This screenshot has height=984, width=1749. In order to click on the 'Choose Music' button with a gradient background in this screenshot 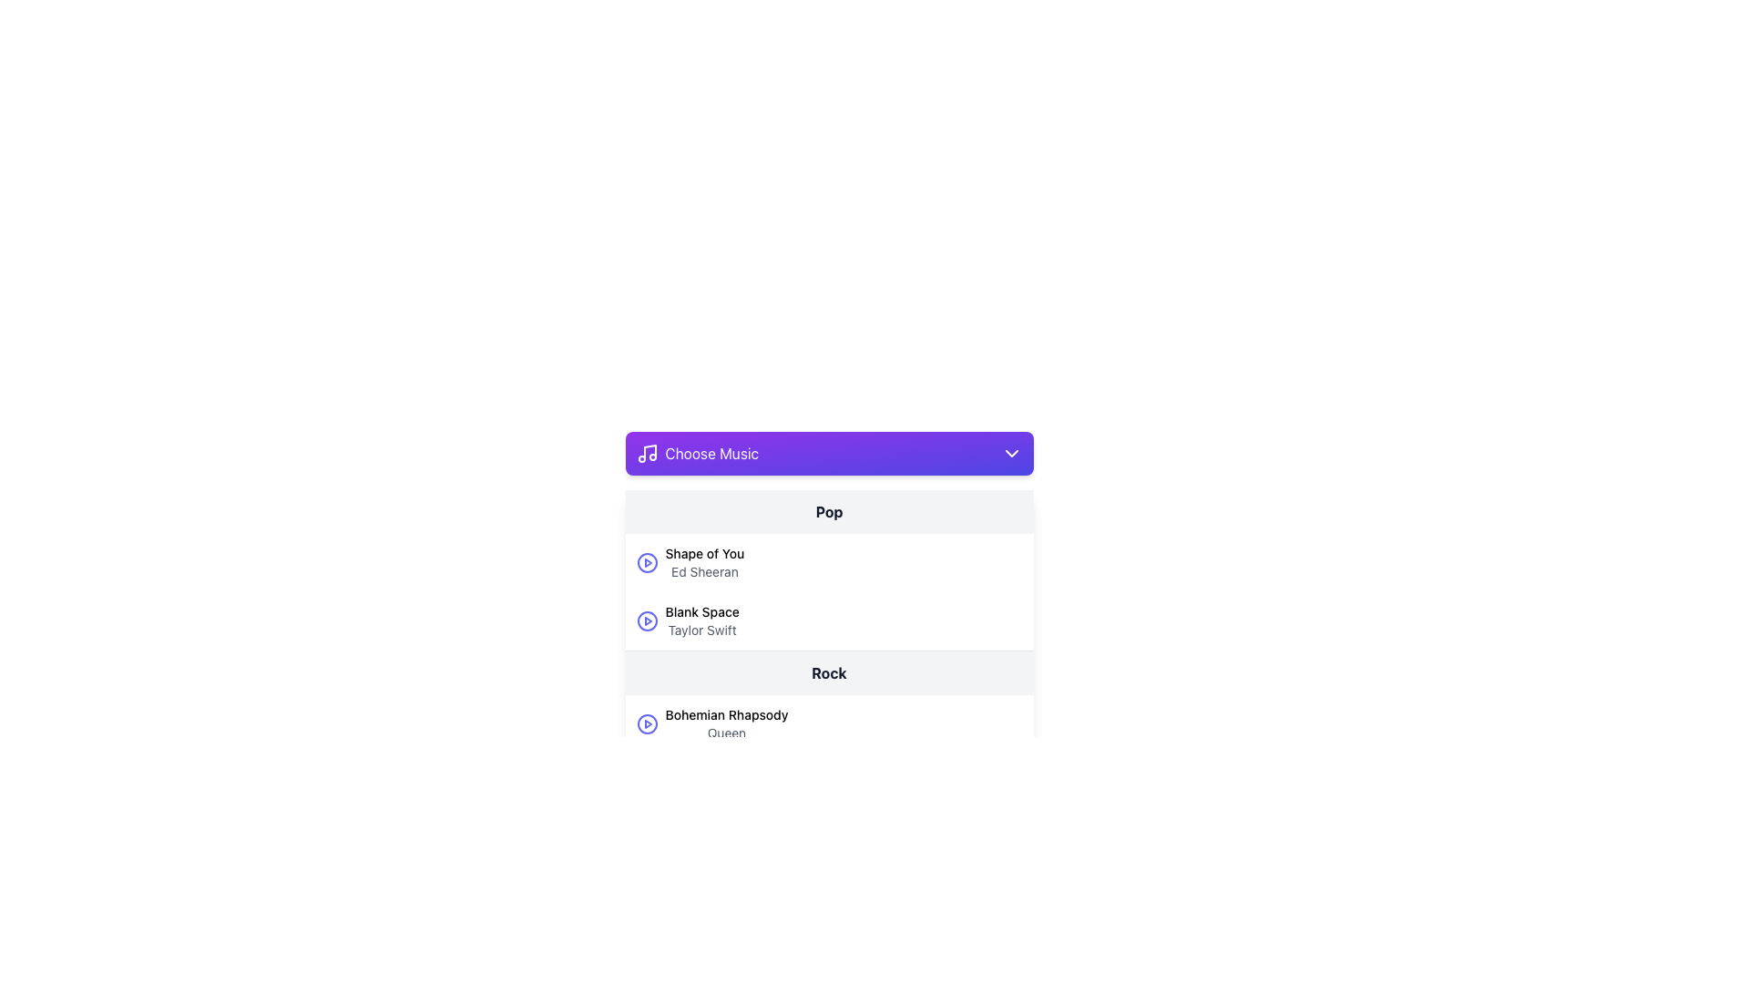, I will do `click(828, 452)`.